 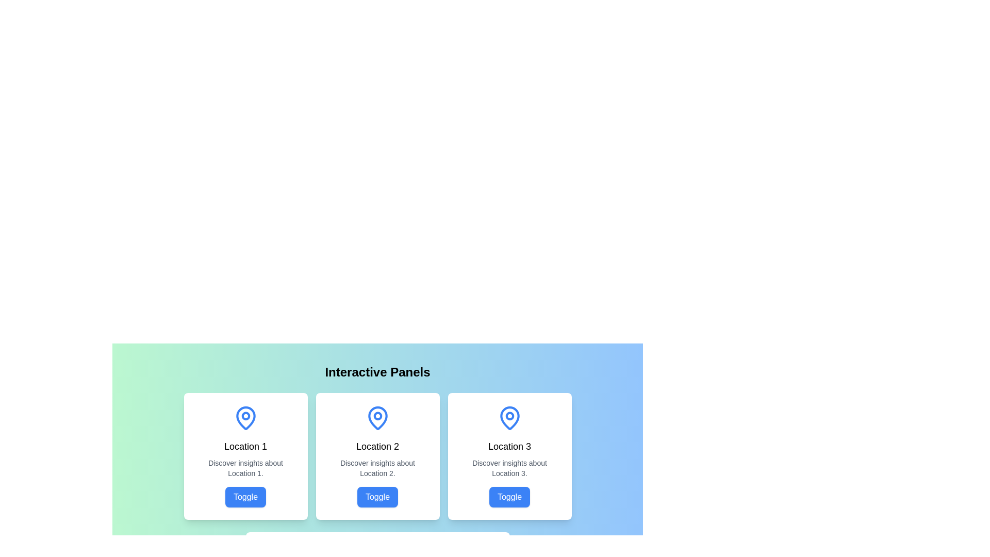 I want to click on the blue outlined map pin icon located at the top of the card labeled 'Location 2', so click(x=377, y=418).